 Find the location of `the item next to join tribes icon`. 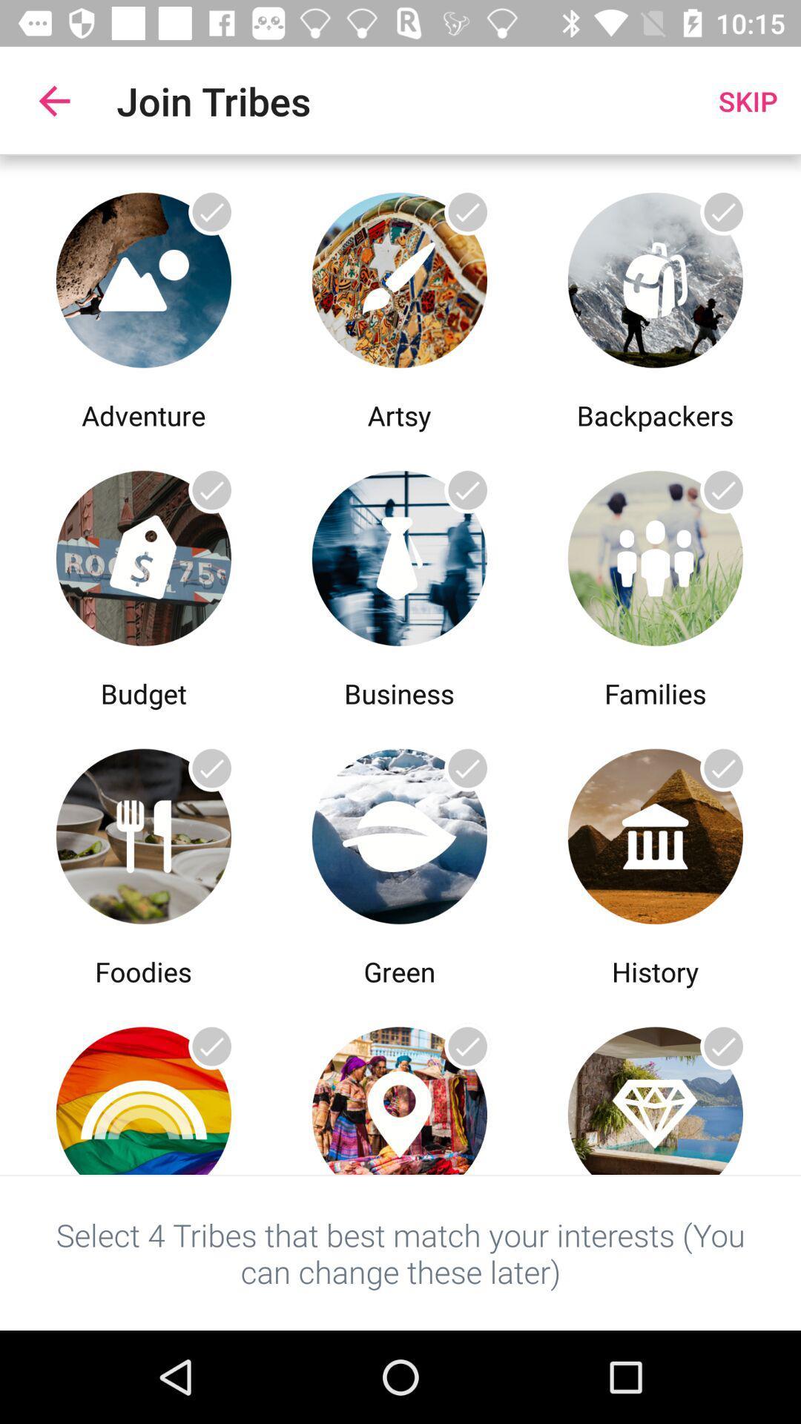

the item next to join tribes icon is located at coordinates (53, 100).